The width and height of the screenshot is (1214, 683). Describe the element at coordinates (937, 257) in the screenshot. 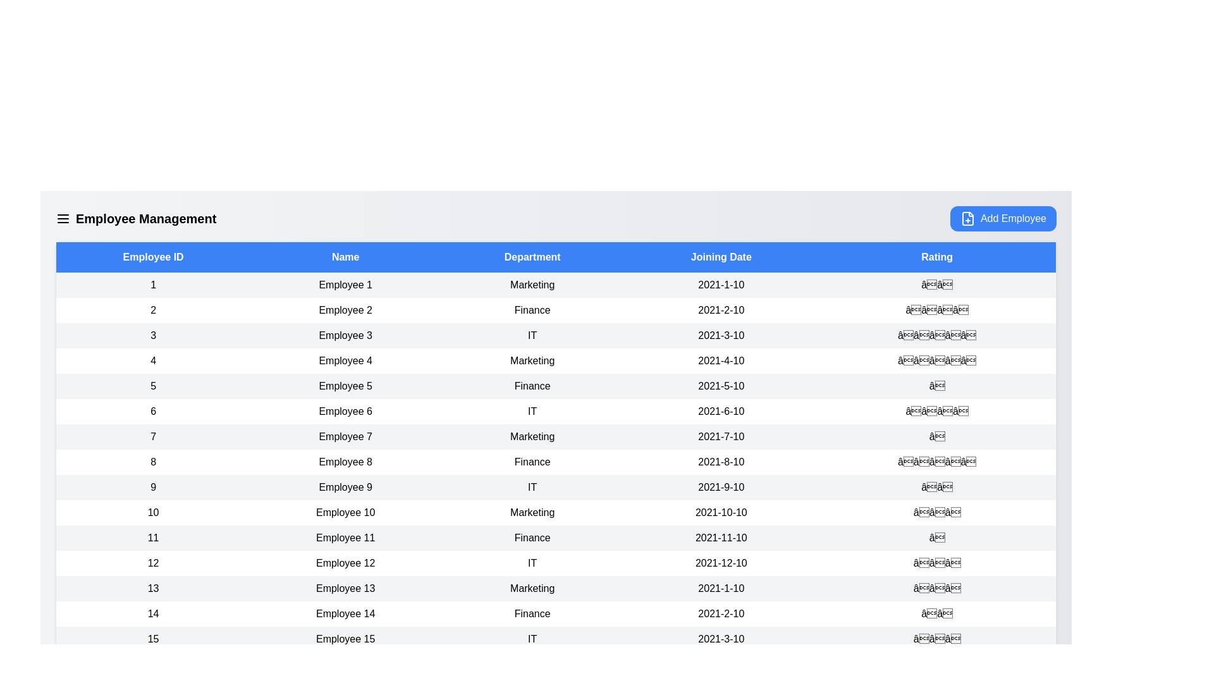

I see `the header of the table to sort the data by Rating` at that location.